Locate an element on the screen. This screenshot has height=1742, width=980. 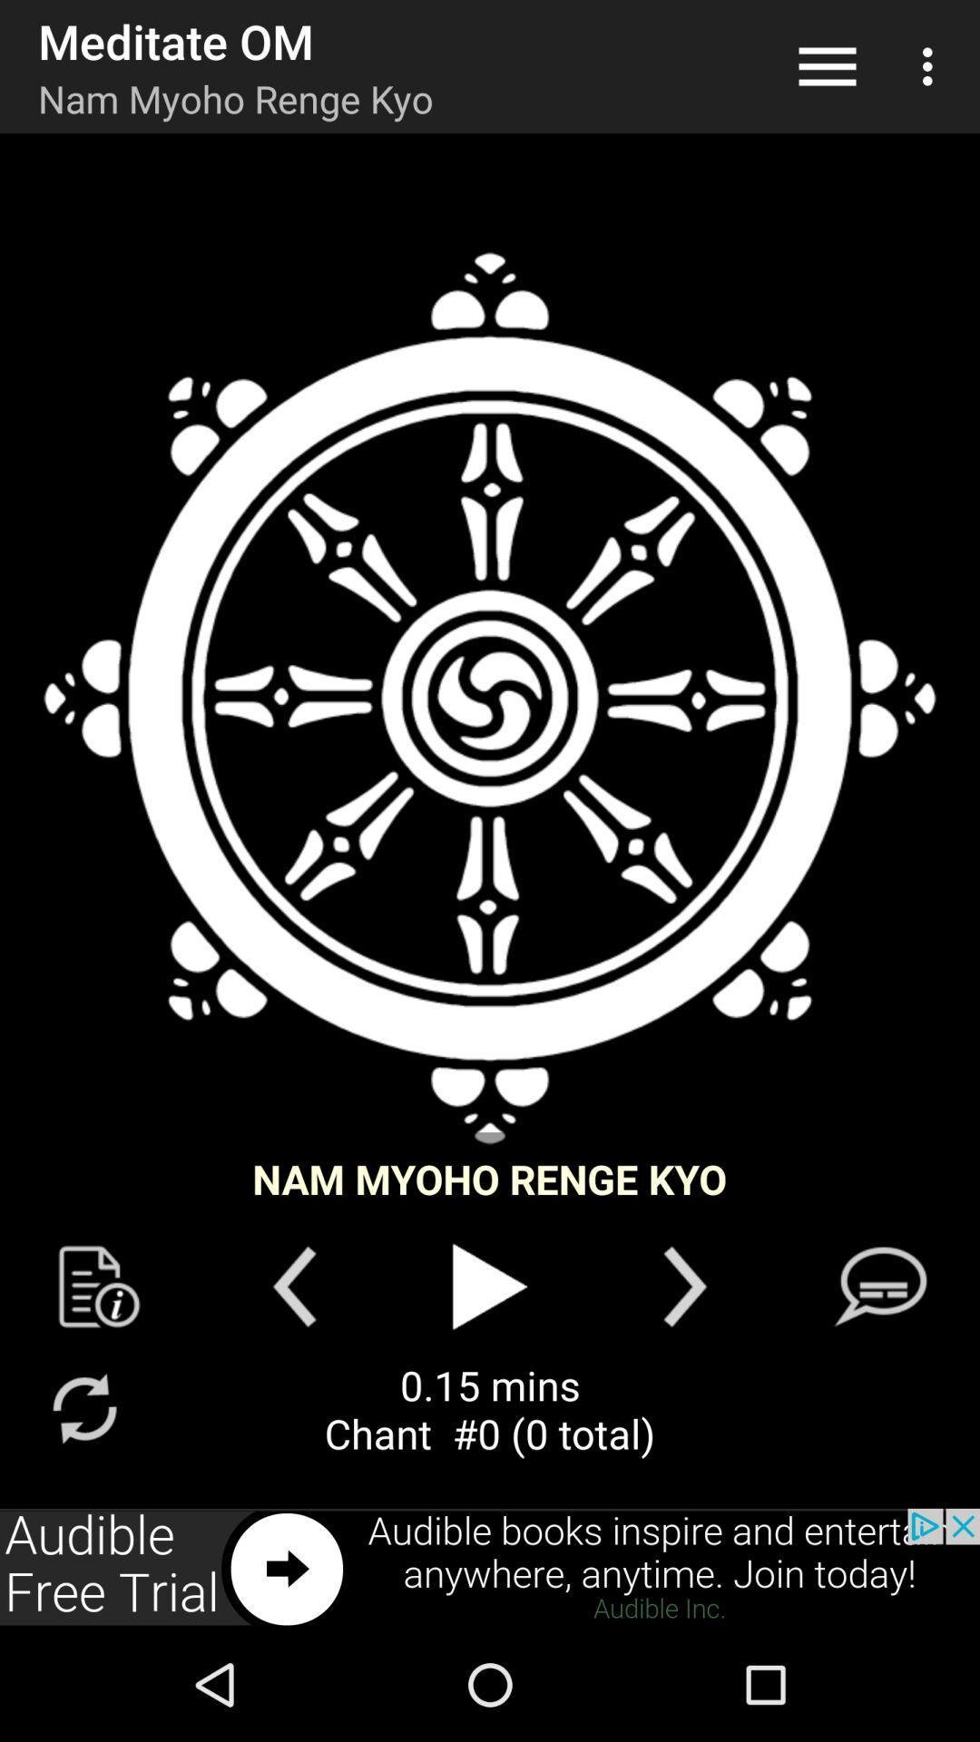
press to play is located at coordinates (490, 1286).